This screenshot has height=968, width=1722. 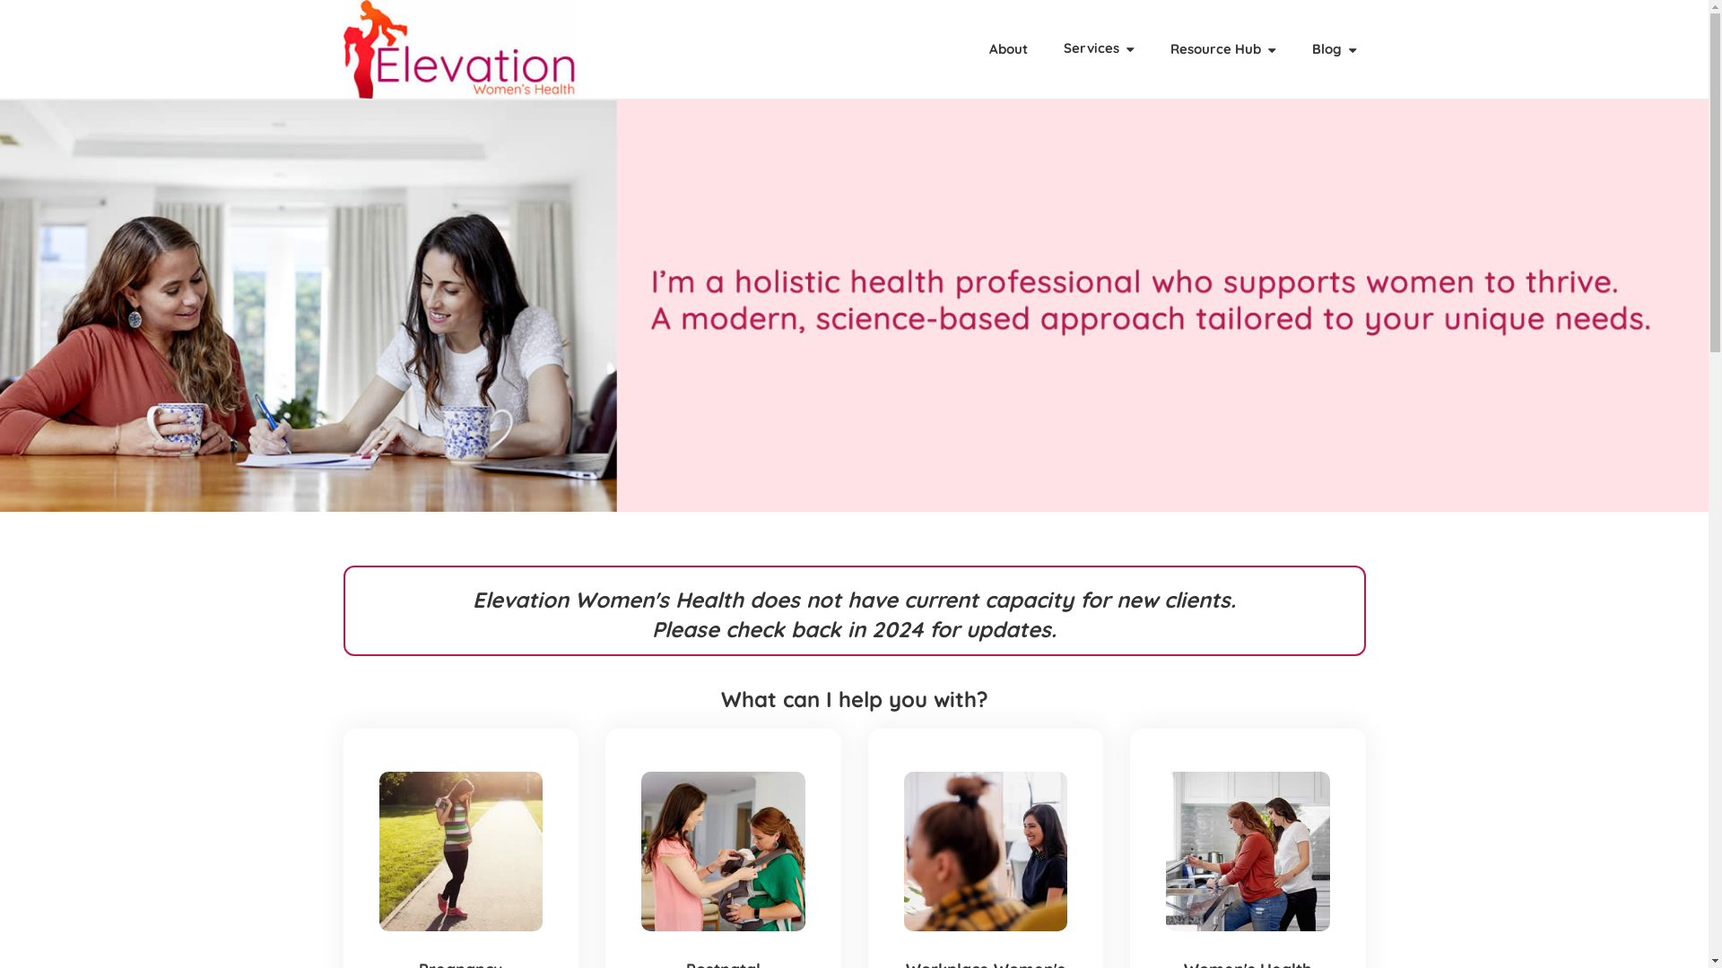 What do you see at coordinates (1007, 48) in the screenshot?
I see `'About'` at bounding box center [1007, 48].